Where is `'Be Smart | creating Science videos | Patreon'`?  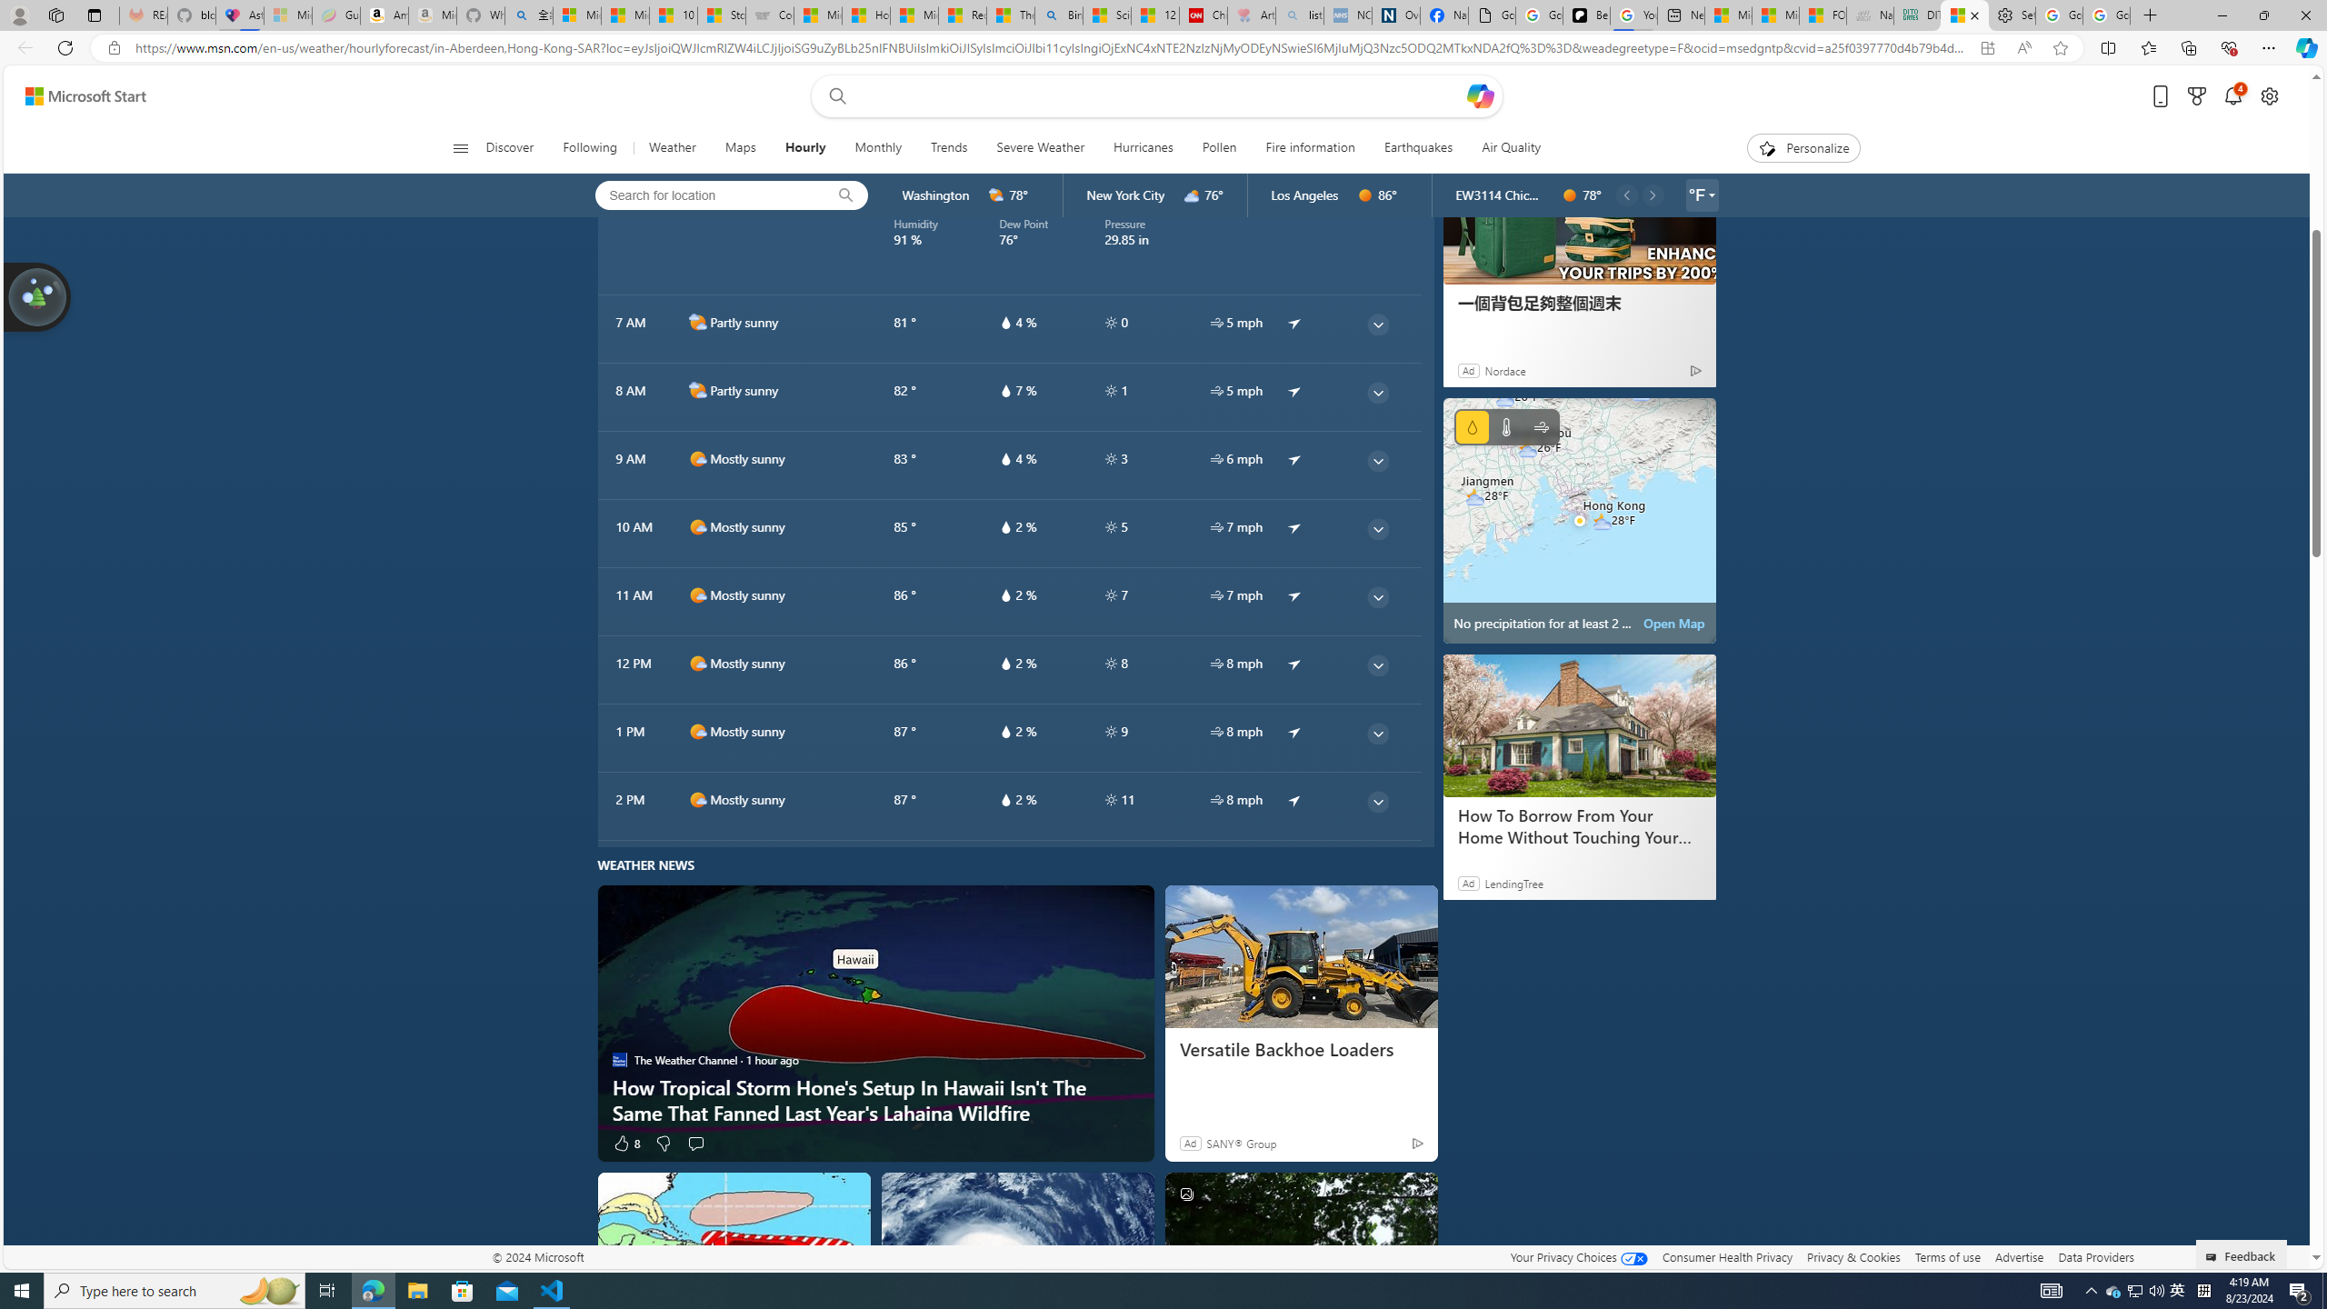 'Be Smart | creating Science videos | Patreon' is located at coordinates (1585, 15).